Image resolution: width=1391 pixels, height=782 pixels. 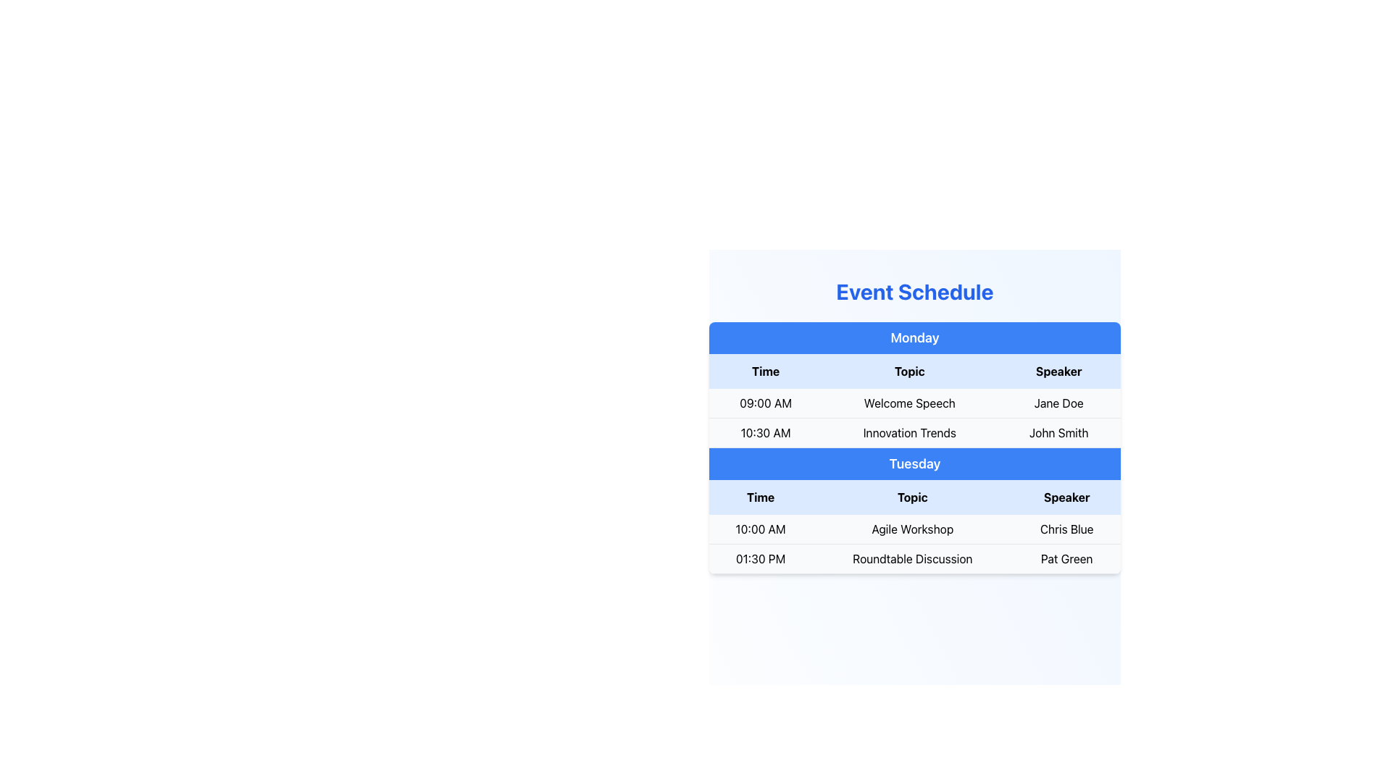 What do you see at coordinates (908, 403) in the screenshot?
I see `text label 'Welcome Speech' located in the 'Topic' column of the schedule table for Monday` at bounding box center [908, 403].